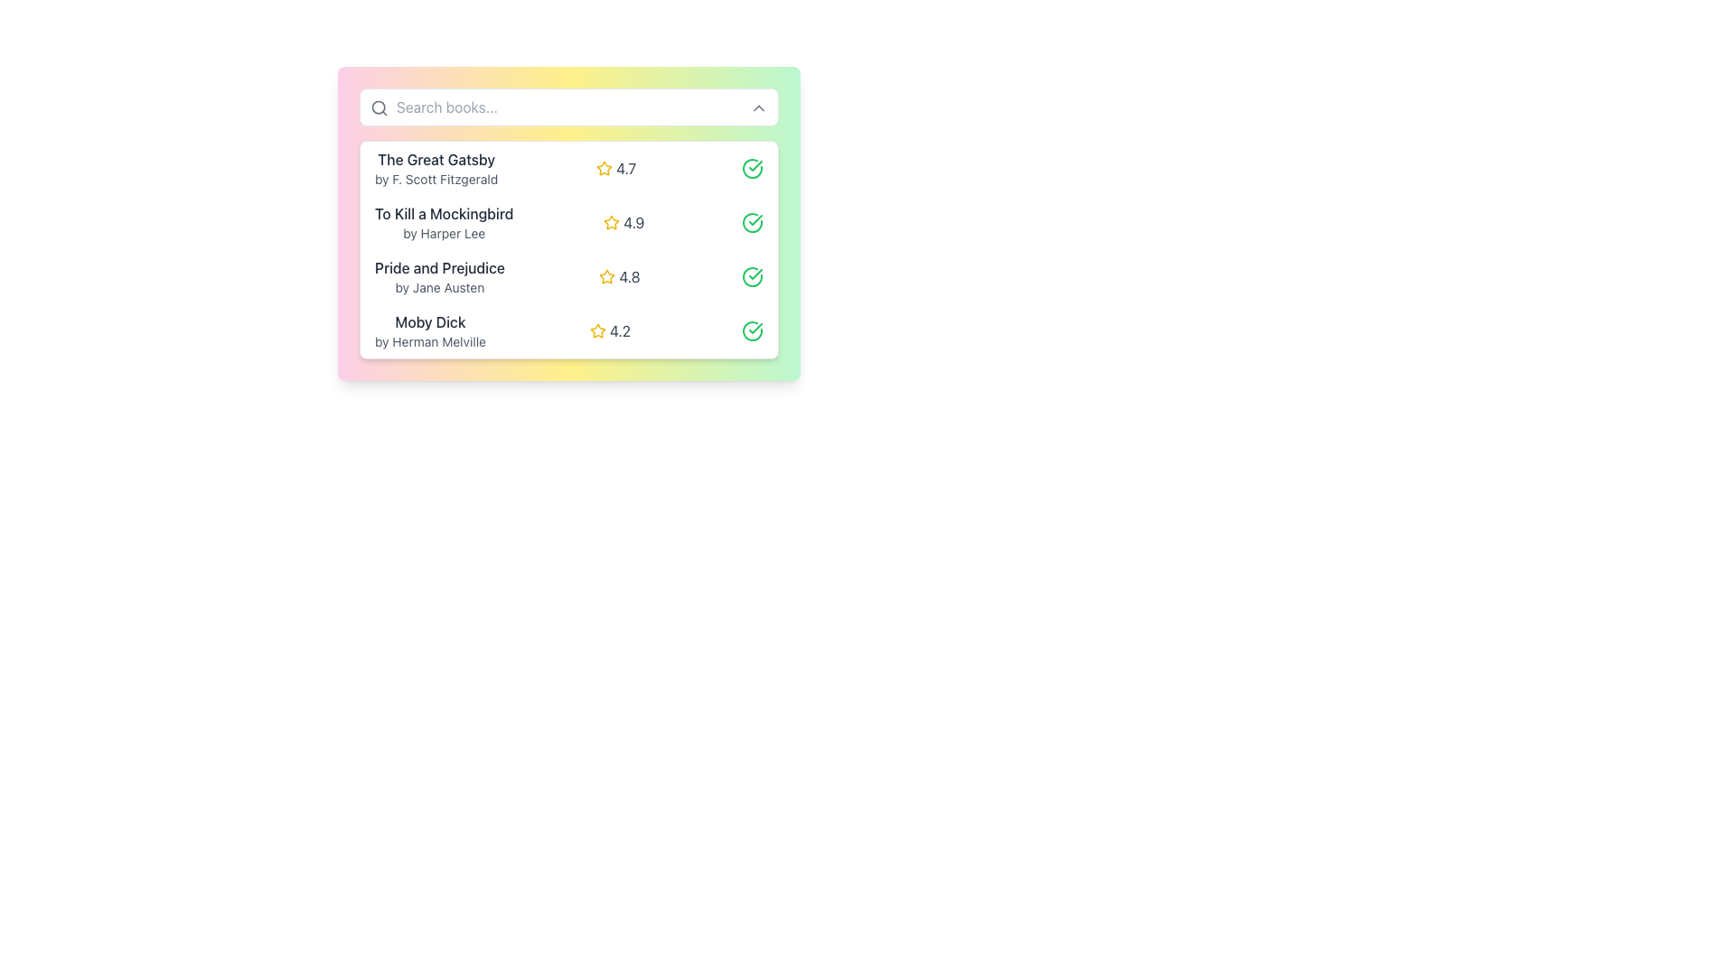 The height and width of the screenshot is (975, 1735). I want to click on the rating icon for 'The Great Gatsby', which is located on the far-left side of the first row, adjacent to the text '4.7', so click(605, 168).